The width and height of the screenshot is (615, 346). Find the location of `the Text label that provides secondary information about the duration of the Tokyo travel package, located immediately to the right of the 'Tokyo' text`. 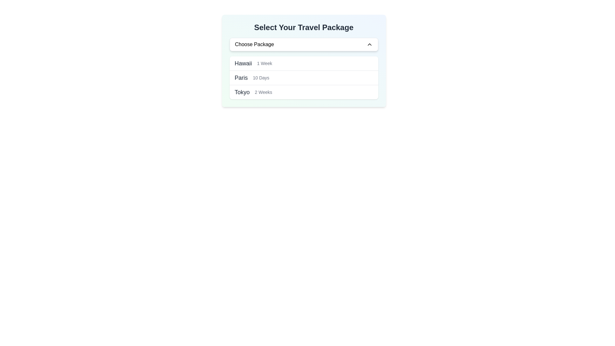

the Text label that provides secondary information about the duration of the Tokyo travel package, located immediately to the right of the 'Tokyo' text is located at coordinates (263, 92).